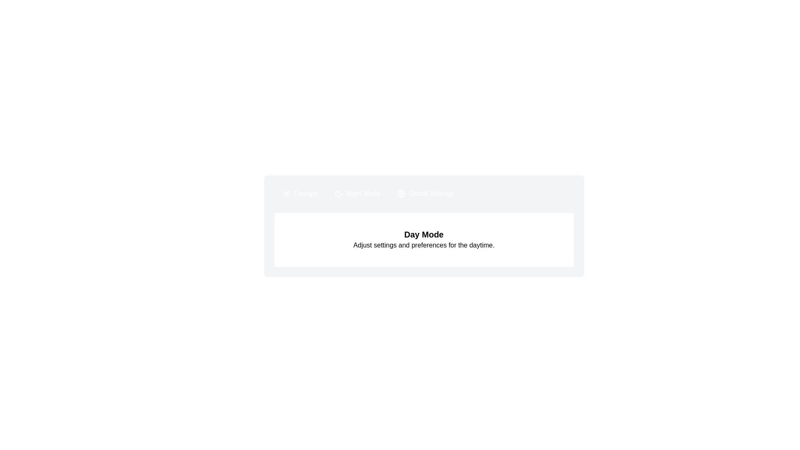  I want to click on the Daylight tab by clicking on its button, so click(300, 194).